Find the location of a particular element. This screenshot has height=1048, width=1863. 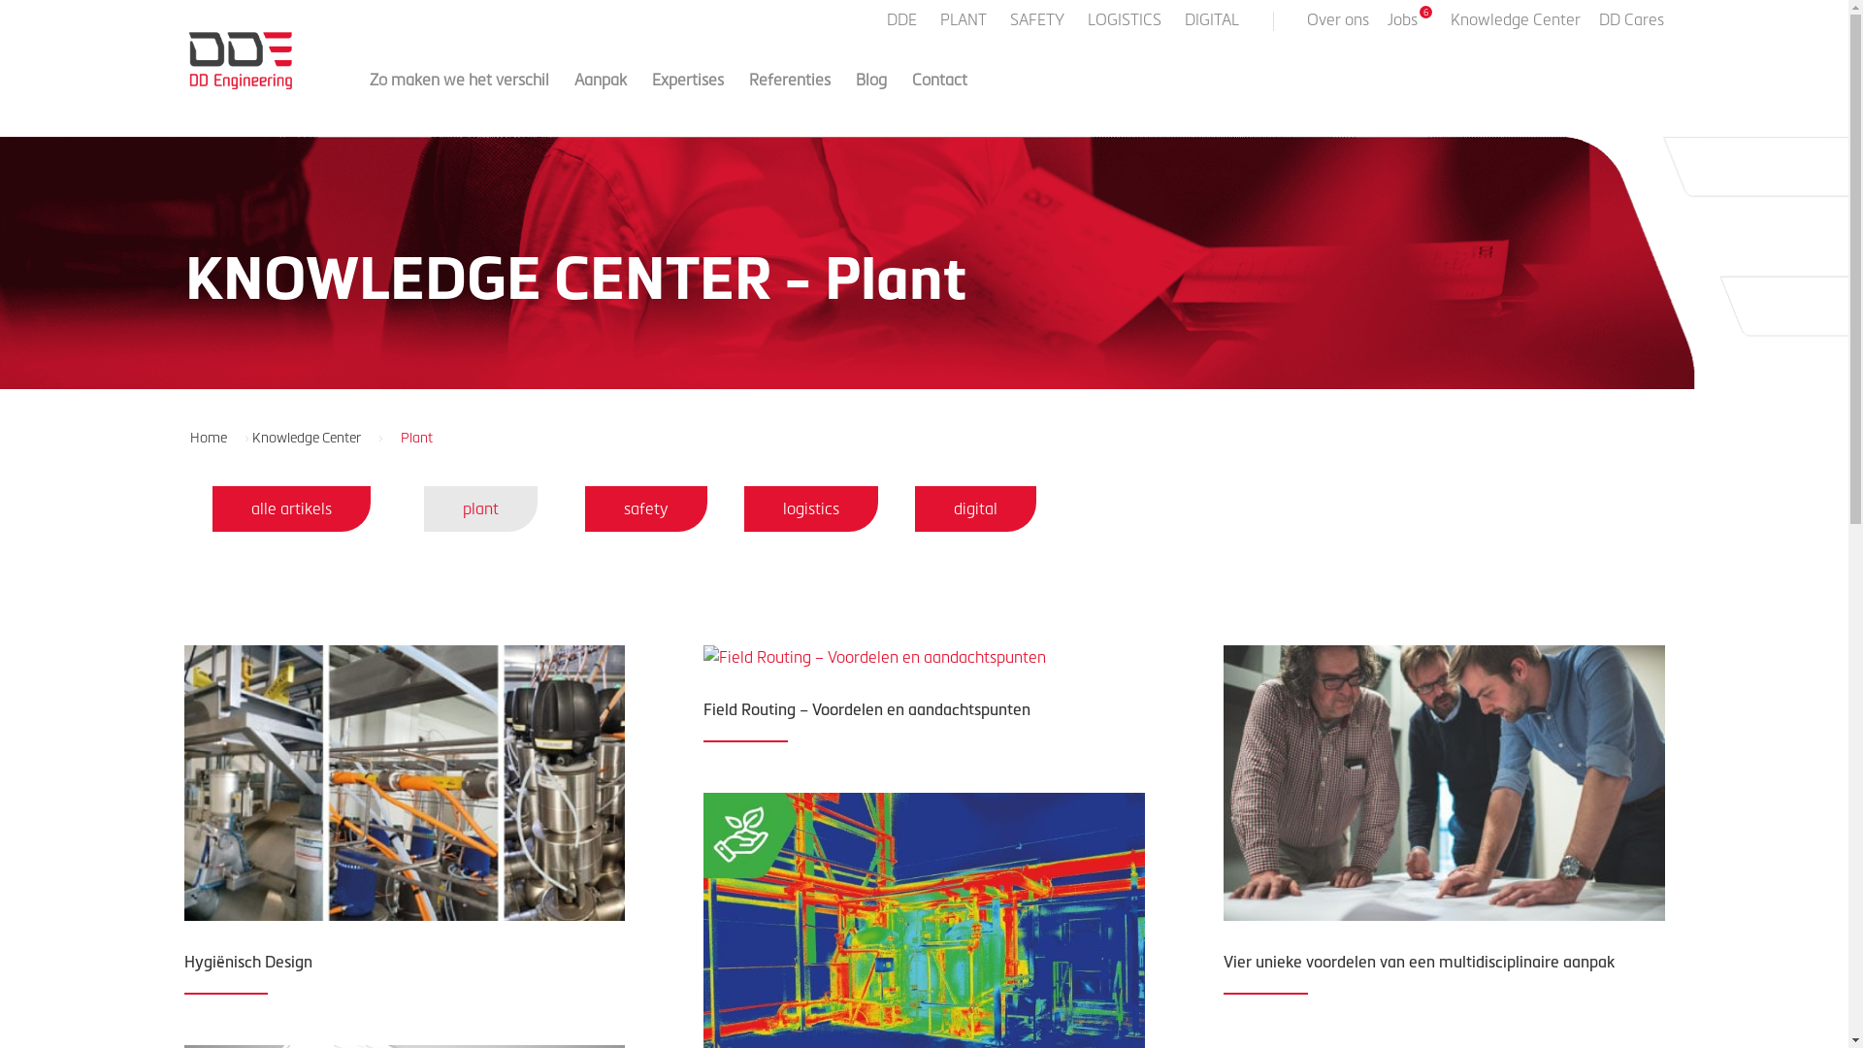

'logistics' is located at coordinates (810, 508).